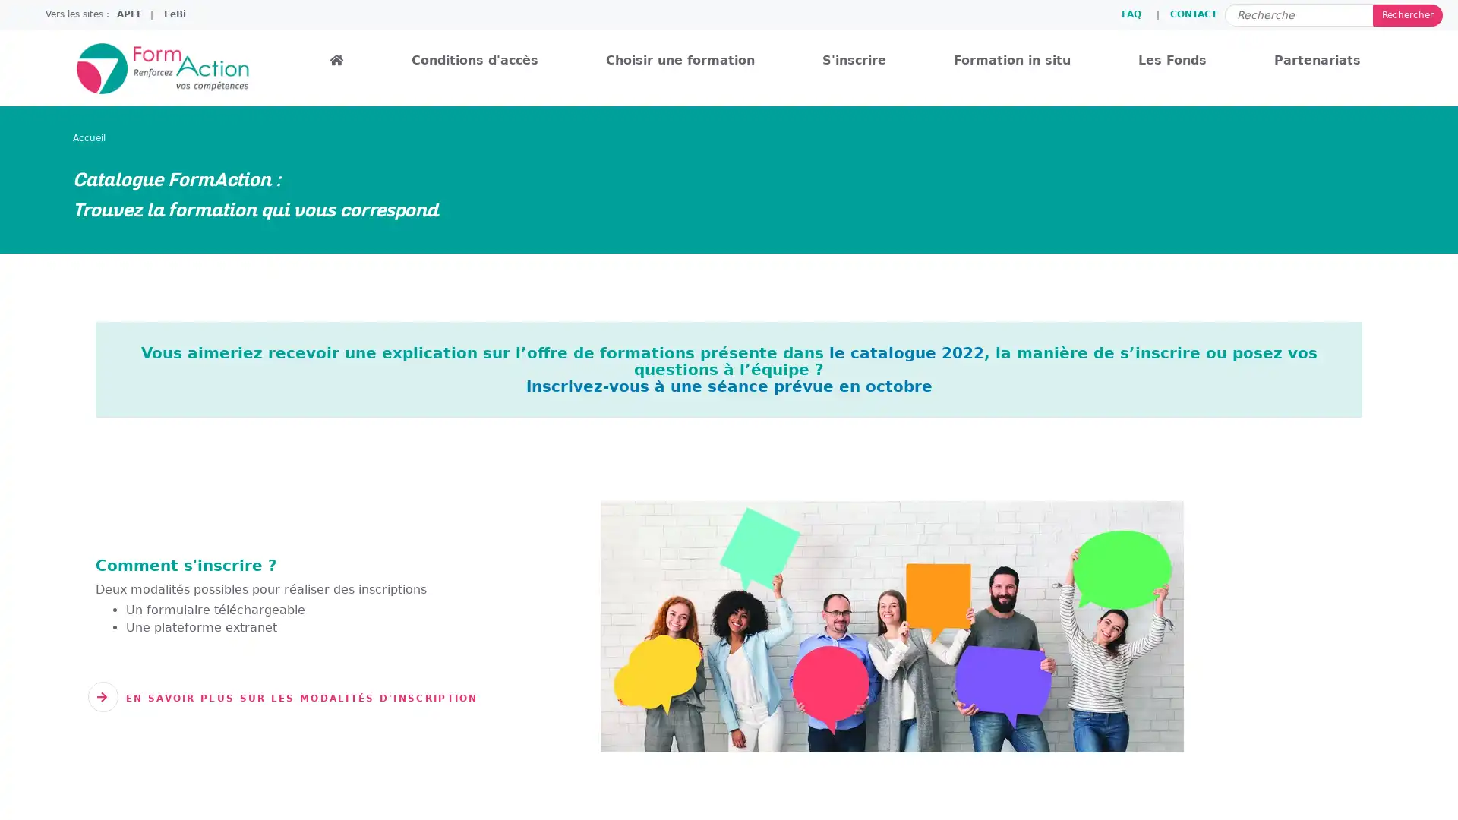  I want to click on Rechercher, so click(1406, 14).